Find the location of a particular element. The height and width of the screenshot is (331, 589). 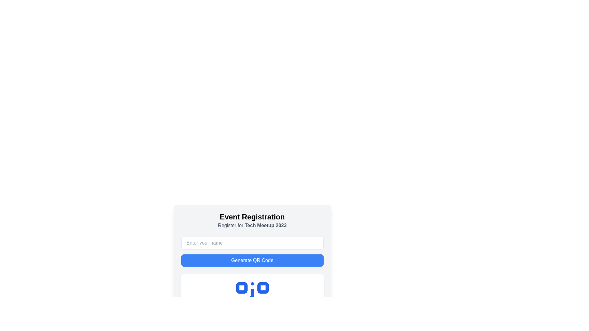

text displayed at the top of the event registration section for 'Tech Meetup 2023', which provides the title and context for the form is located at coordinates (252, 221).